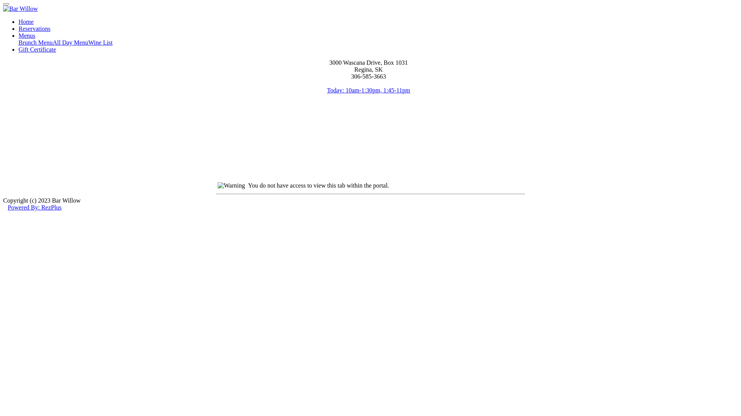 This screenshot has width=741, height=416. What do you see at coordinates (19, 28) in the screenshot?
I see `'Reservations'` at bounding box center [19, 28].